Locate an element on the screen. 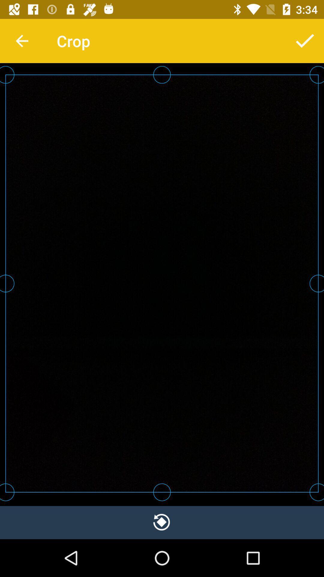 The width and height of the screenshot is (324, 577). item at the top right corner is located at coordinates (305, 41).